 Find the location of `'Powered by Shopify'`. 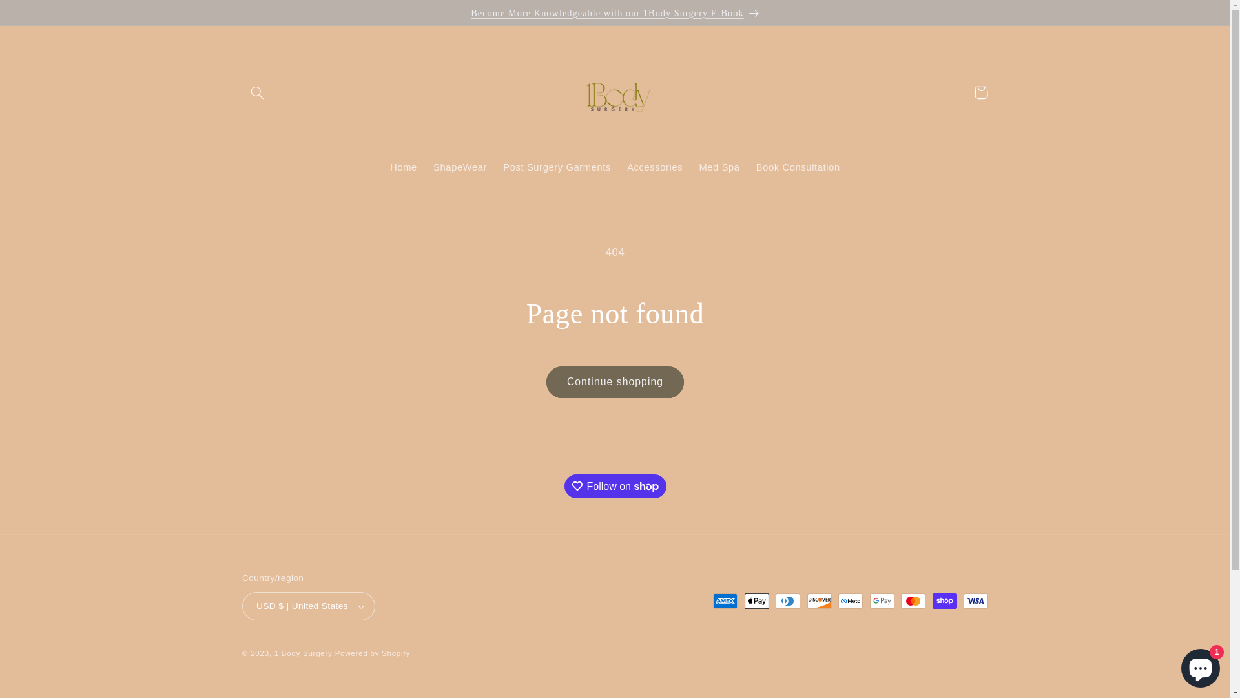

'Powered by Shopify' is located at coordinates (371, 653).